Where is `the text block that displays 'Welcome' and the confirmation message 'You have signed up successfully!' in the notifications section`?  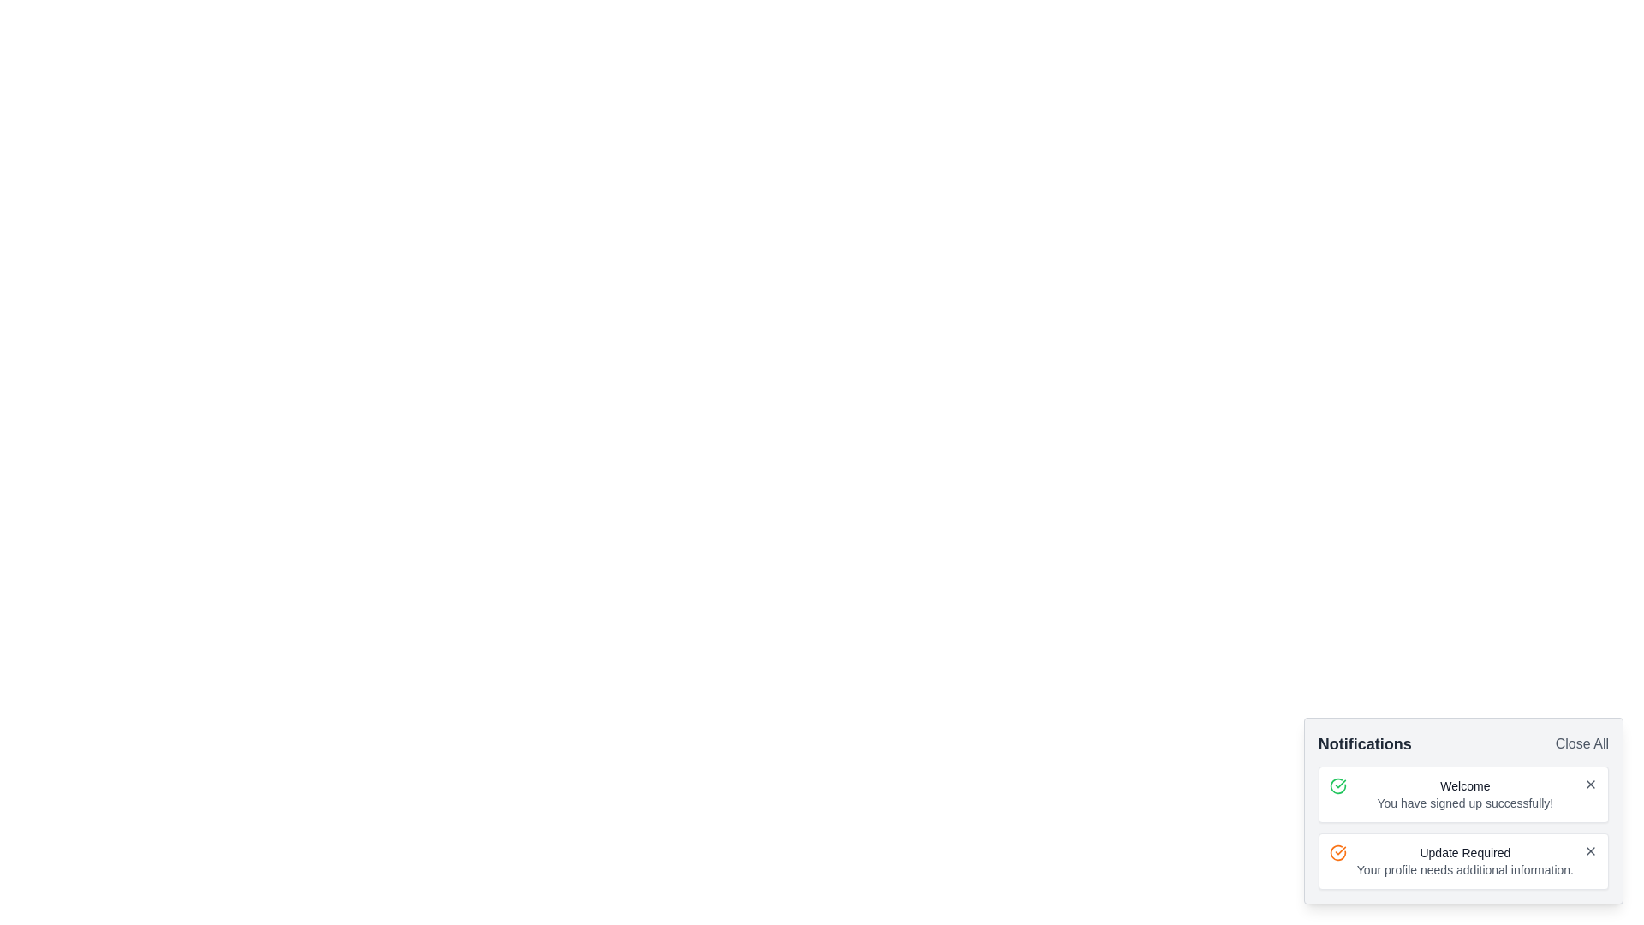 the text block that displays 'Welcome' and the confirmation message 'You have signed up successfully!' in the notifications section is located at coordinates (1464, 795).